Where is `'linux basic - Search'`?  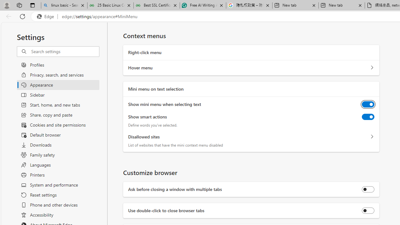 'linux basic - Search' is located at coordinates (64, 5).